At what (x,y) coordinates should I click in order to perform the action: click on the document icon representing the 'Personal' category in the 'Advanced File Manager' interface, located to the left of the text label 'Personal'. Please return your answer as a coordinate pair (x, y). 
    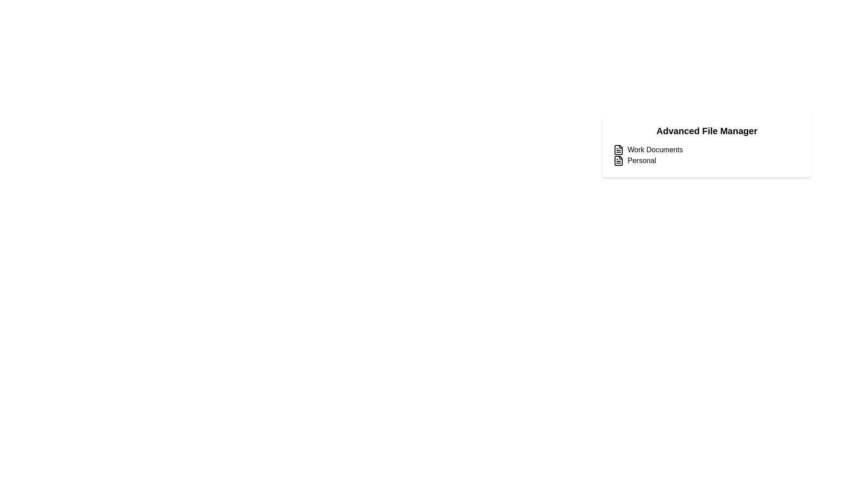
    Looking at the image, I should click on (618, 160).